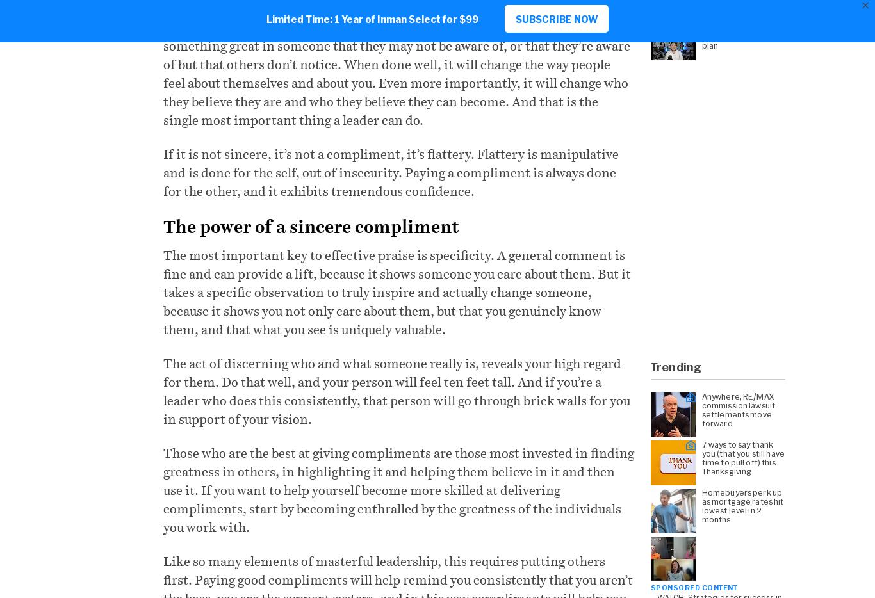  I want to click on 'Anywhere, RE/MAX commission lawsuit settlements move forward', so click(738, 409).